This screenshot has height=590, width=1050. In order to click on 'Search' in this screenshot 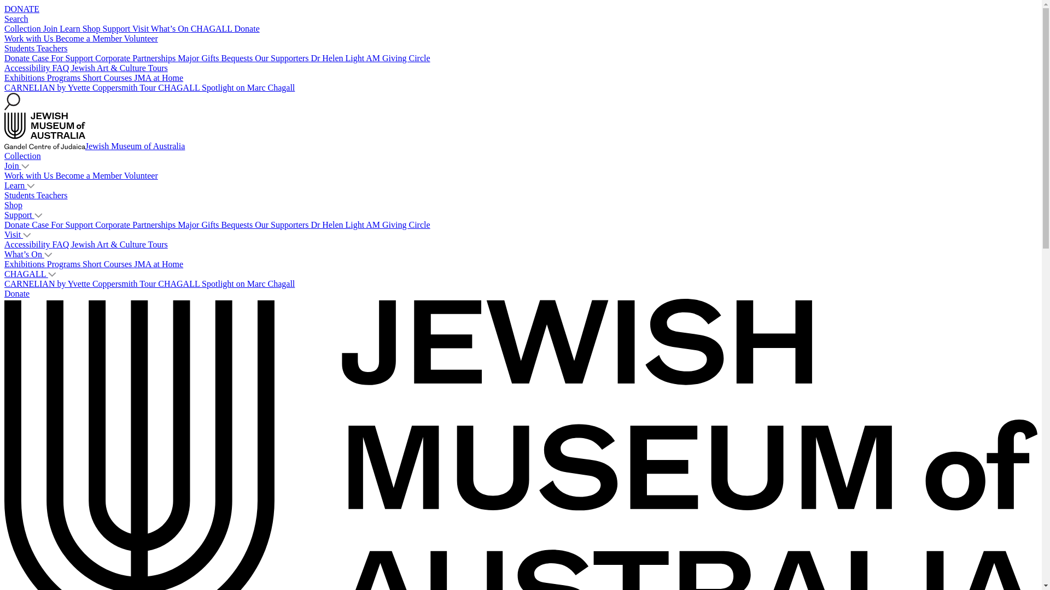, I will do `click(16, 19)`.